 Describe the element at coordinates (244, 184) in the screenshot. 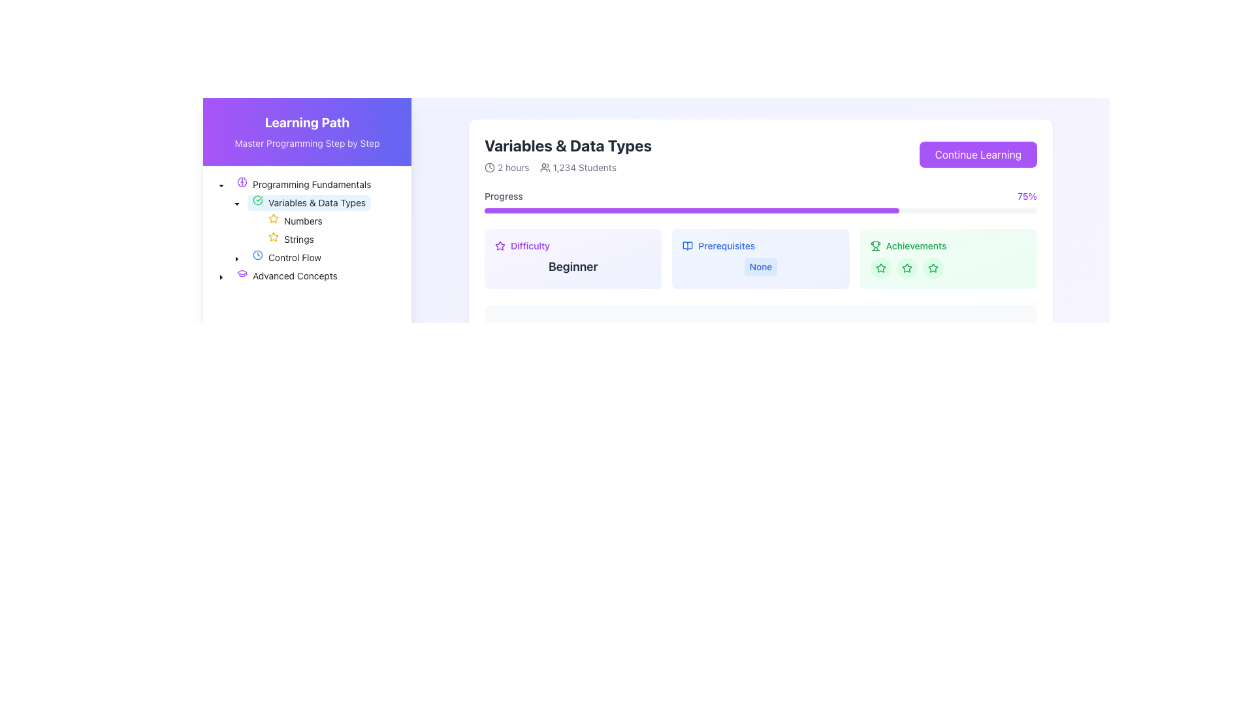

I see `the purple brain icon located next to the text 'Programming Fundamentals' in the tree view of the sidebar` at that location.